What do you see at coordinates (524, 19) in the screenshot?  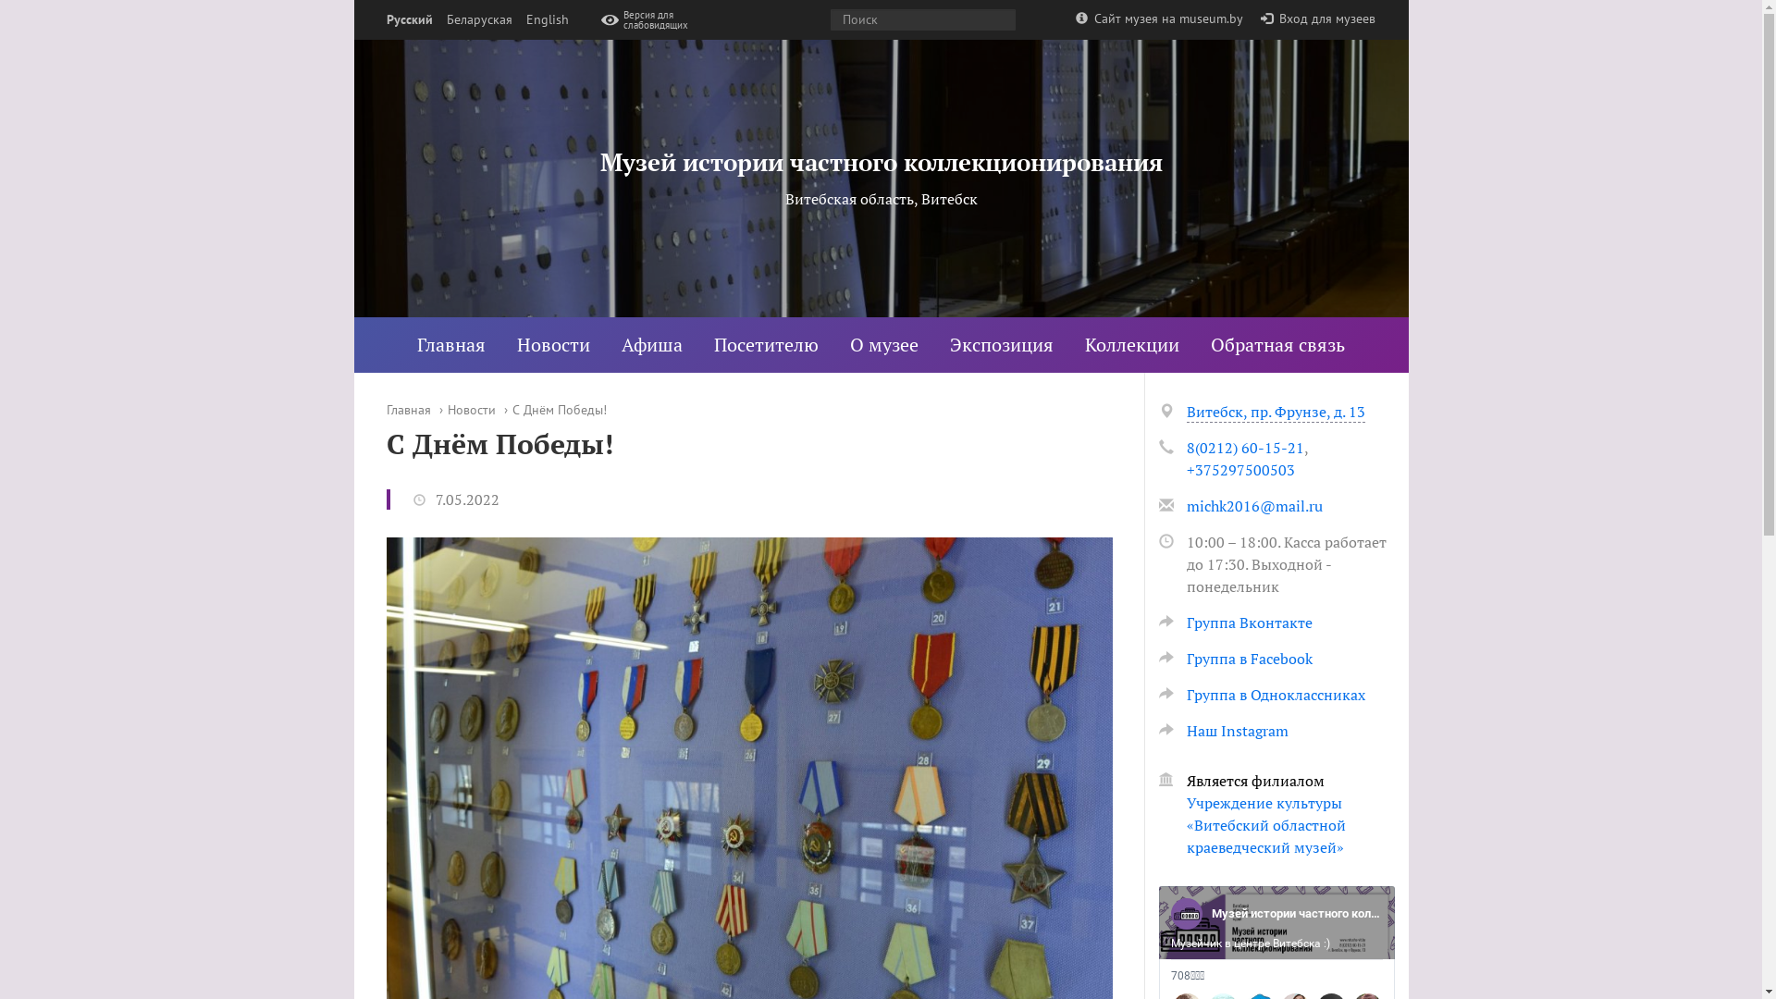 I see `'English'` at bounding box center [524, 19].